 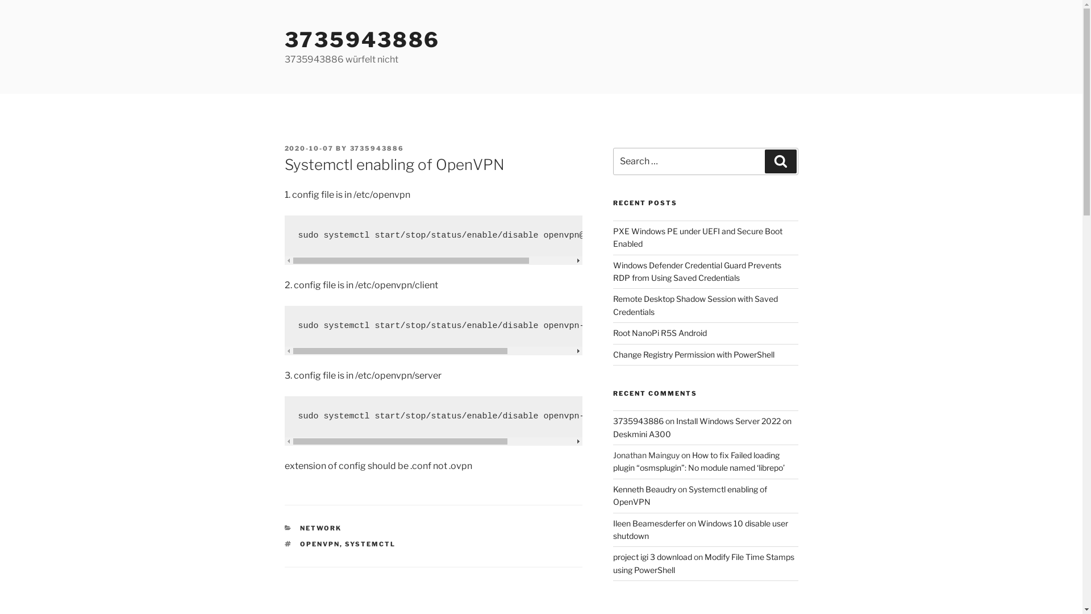 I want to click on 'Windows 10 disable user shutdown', so click(x=700, y=529).